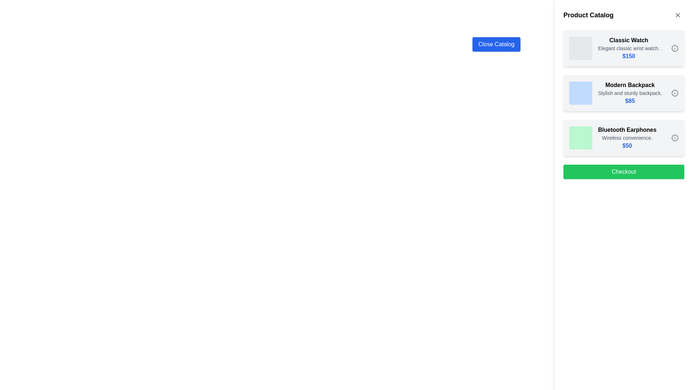 This screenshot has height=390, width=693. I want to click on product description and price from the compact layout displaying details about the product, which includes the title 'Classic Watch', description 'Elegant classic wrist watch.', and price '$150', so click(614, 48).